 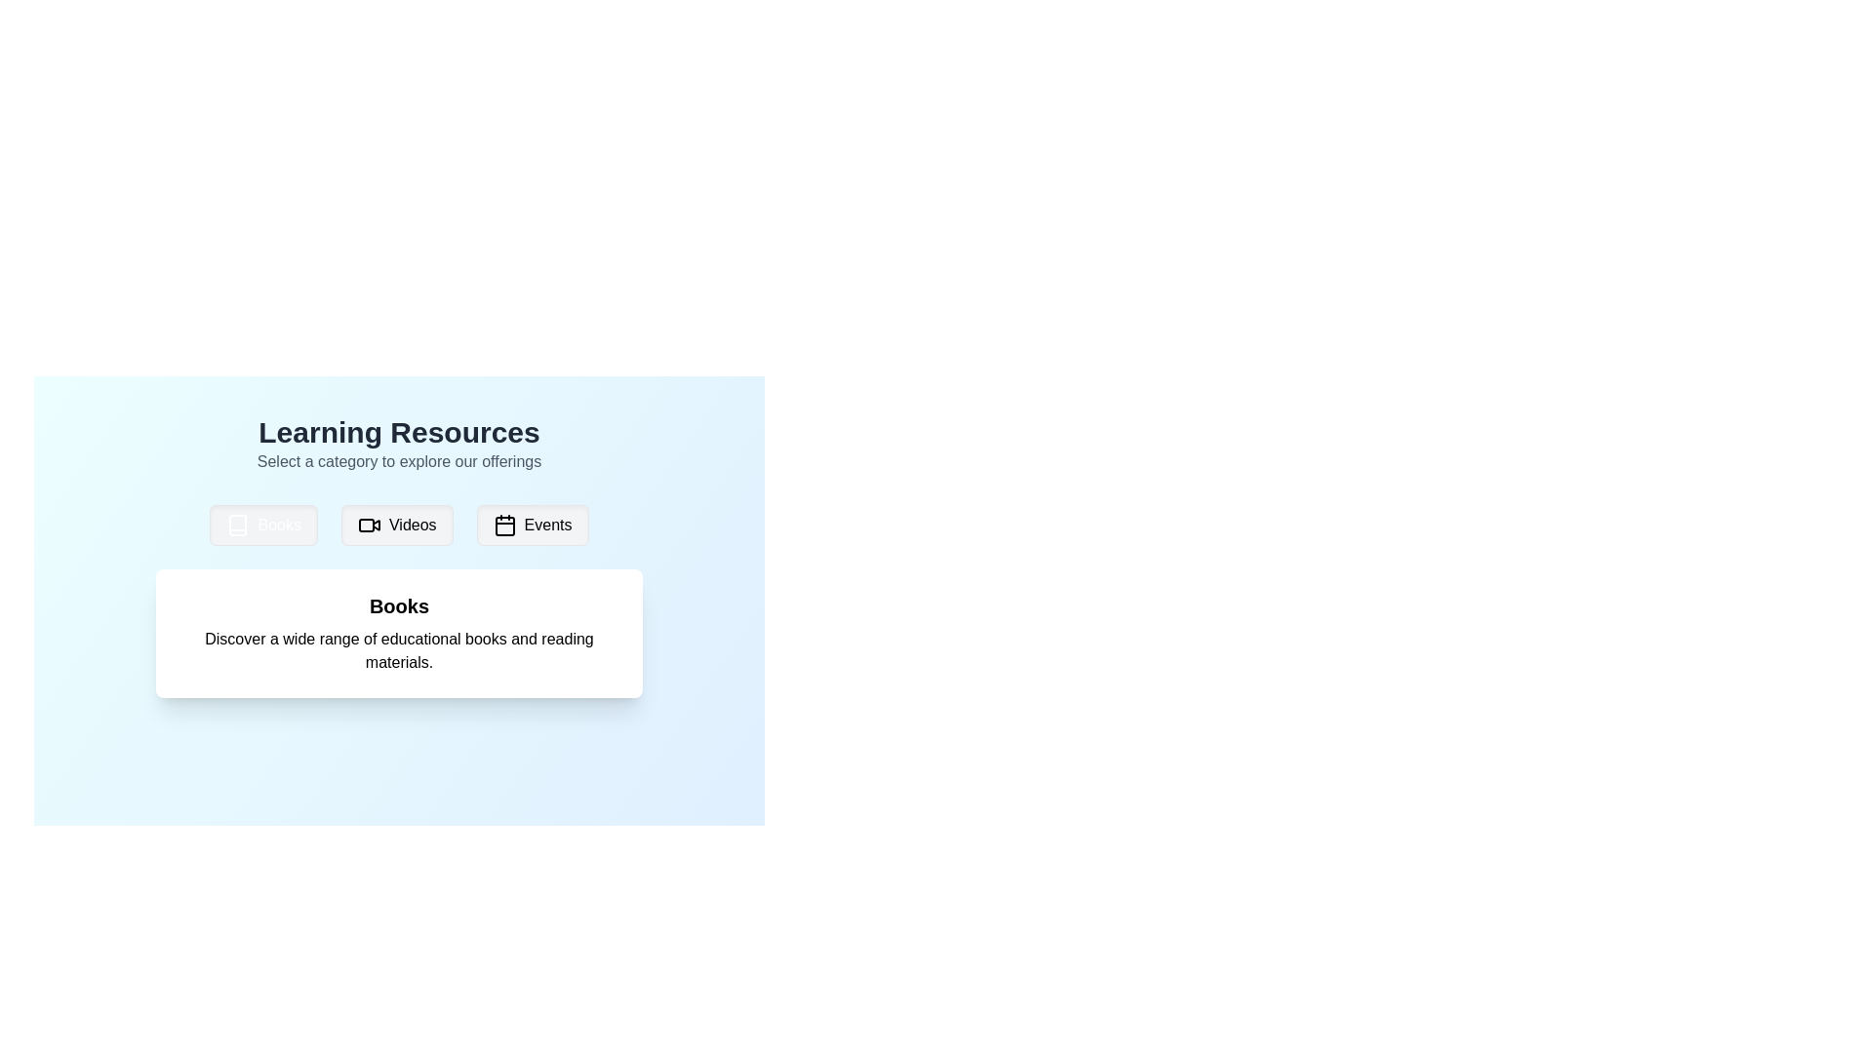 I want to click on the Text card that provides a brief description of the selected category 'Books' located in the middle-lower portion of the 'Learning Resources' area, so click(x=398, y=588).